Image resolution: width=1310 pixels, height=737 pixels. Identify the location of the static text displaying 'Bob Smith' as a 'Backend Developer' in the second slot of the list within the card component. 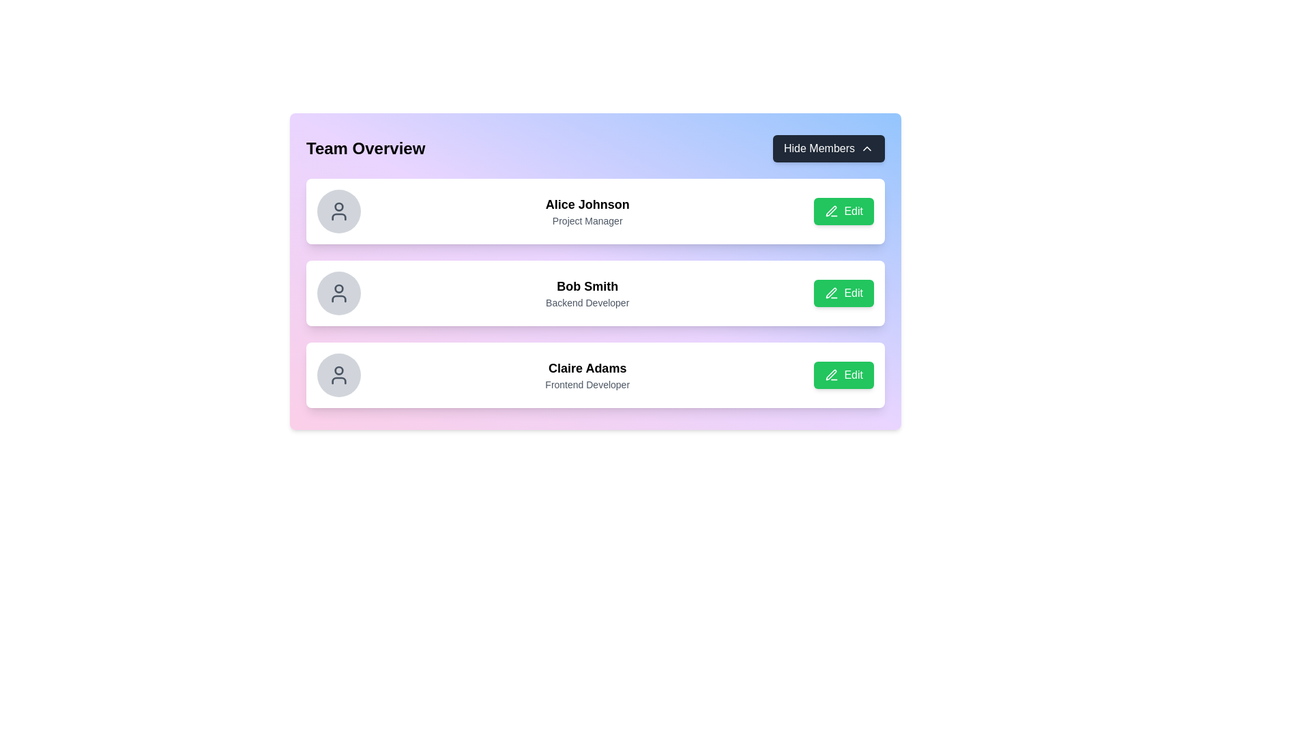
(587, 292).